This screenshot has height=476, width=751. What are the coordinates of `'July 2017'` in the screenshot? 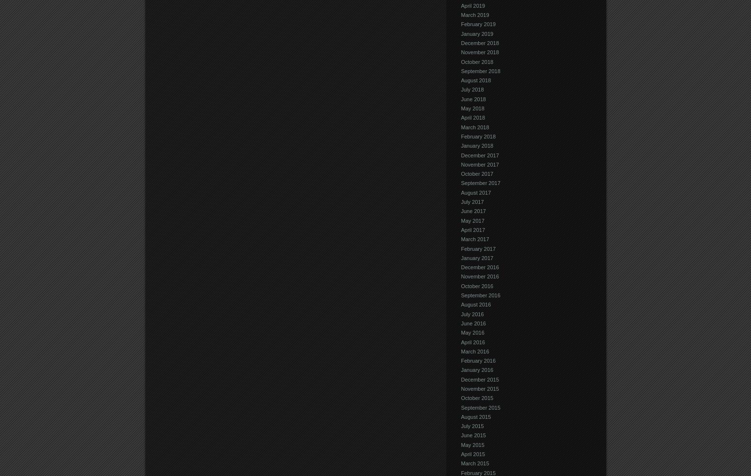 It's located at (471, 201).